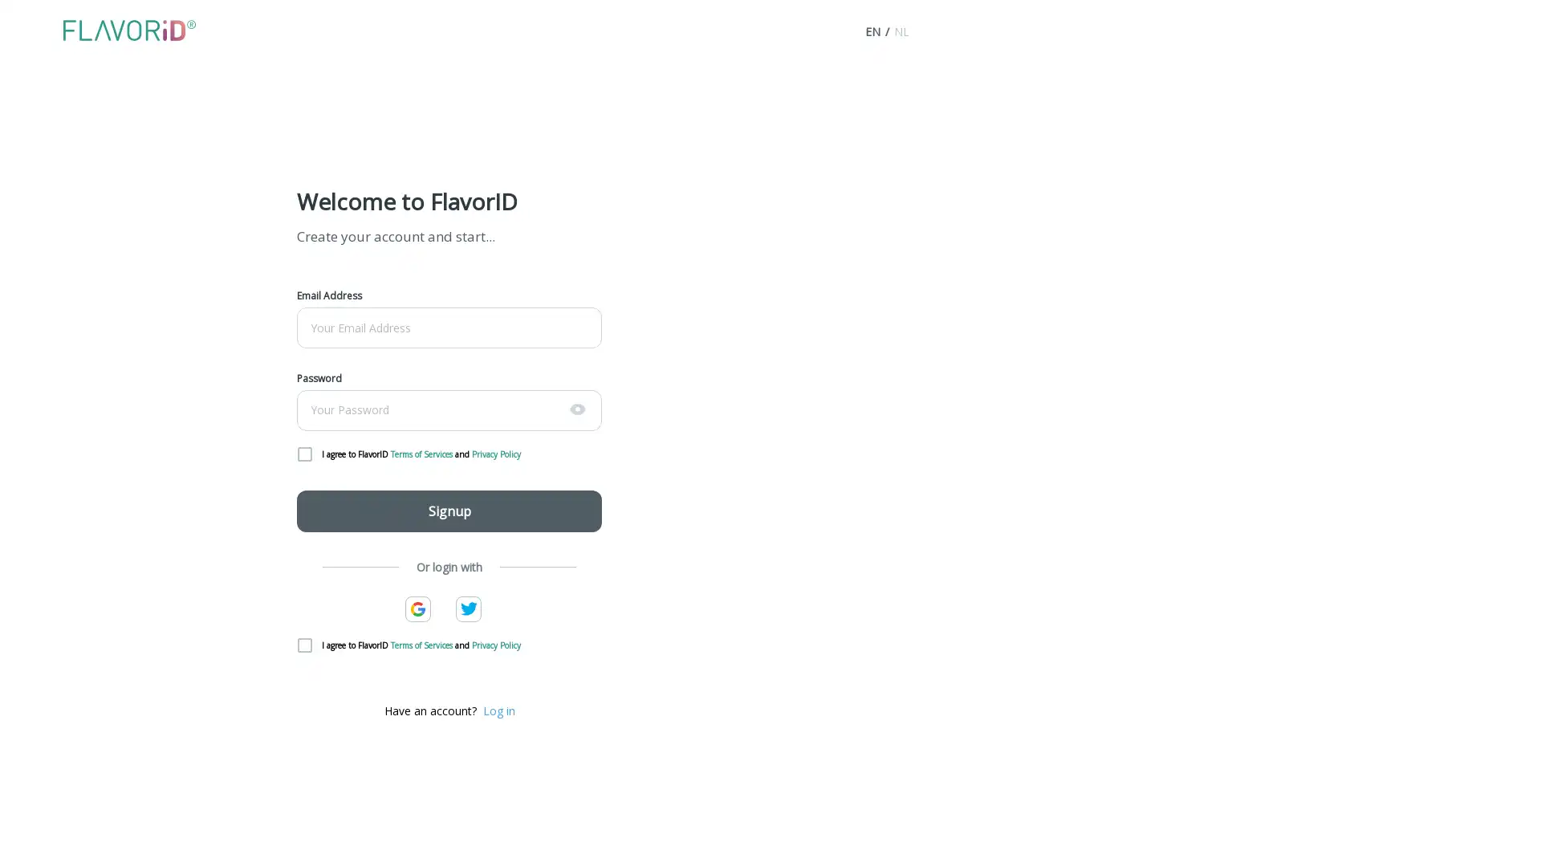 The image size is (1541, 867). Describe the element at coordinates (449, 511) in the screenshot. I see `Signup` at that location.